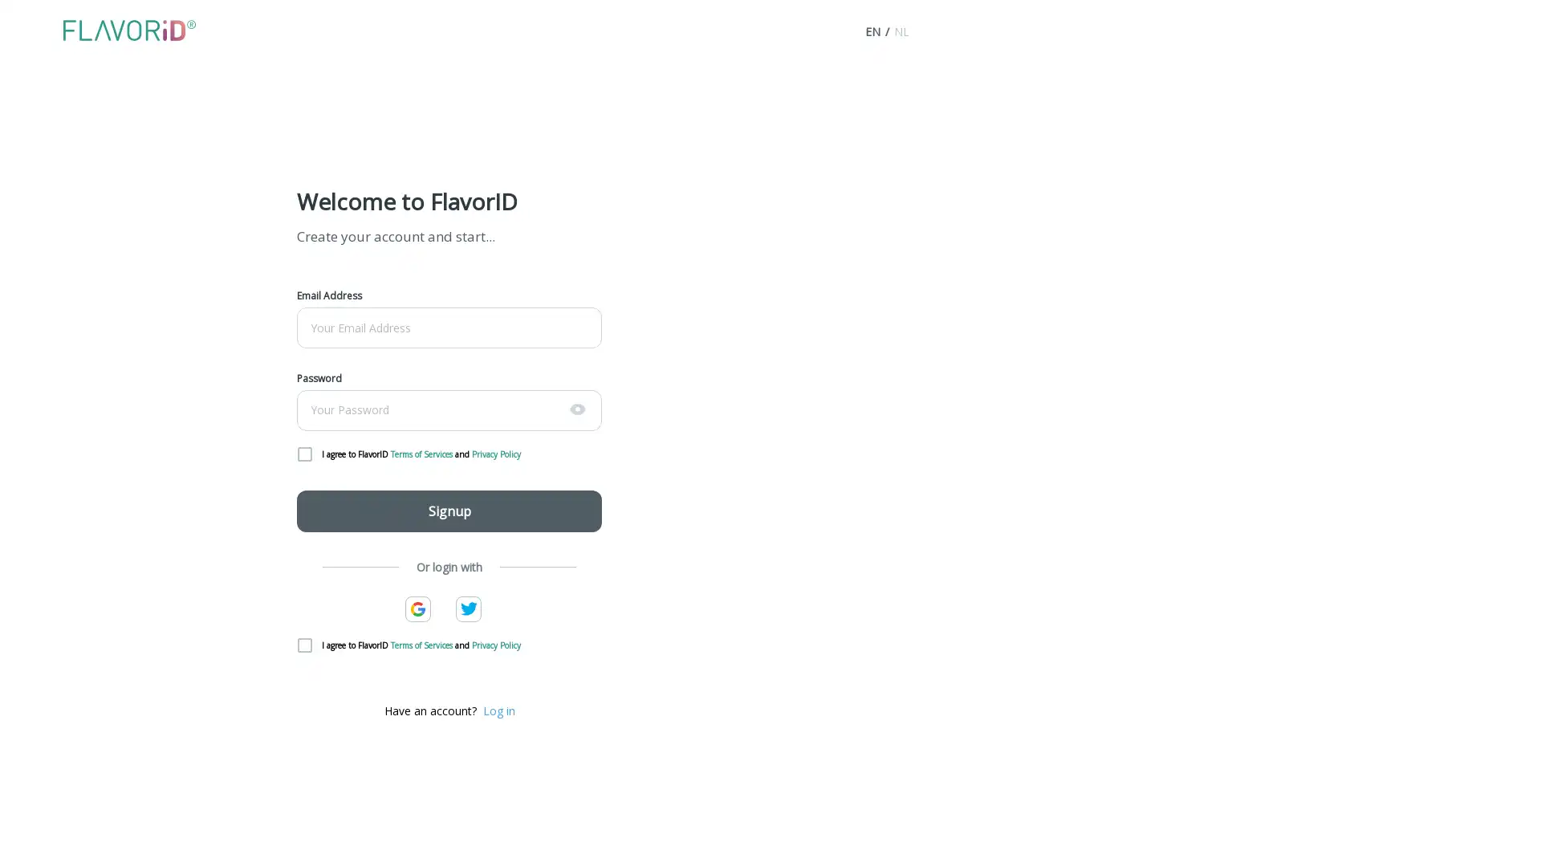 The image size is (1541, 867). Describe the element at coordinates (449, 511) in the screenshot. I see `Signup` at that location.